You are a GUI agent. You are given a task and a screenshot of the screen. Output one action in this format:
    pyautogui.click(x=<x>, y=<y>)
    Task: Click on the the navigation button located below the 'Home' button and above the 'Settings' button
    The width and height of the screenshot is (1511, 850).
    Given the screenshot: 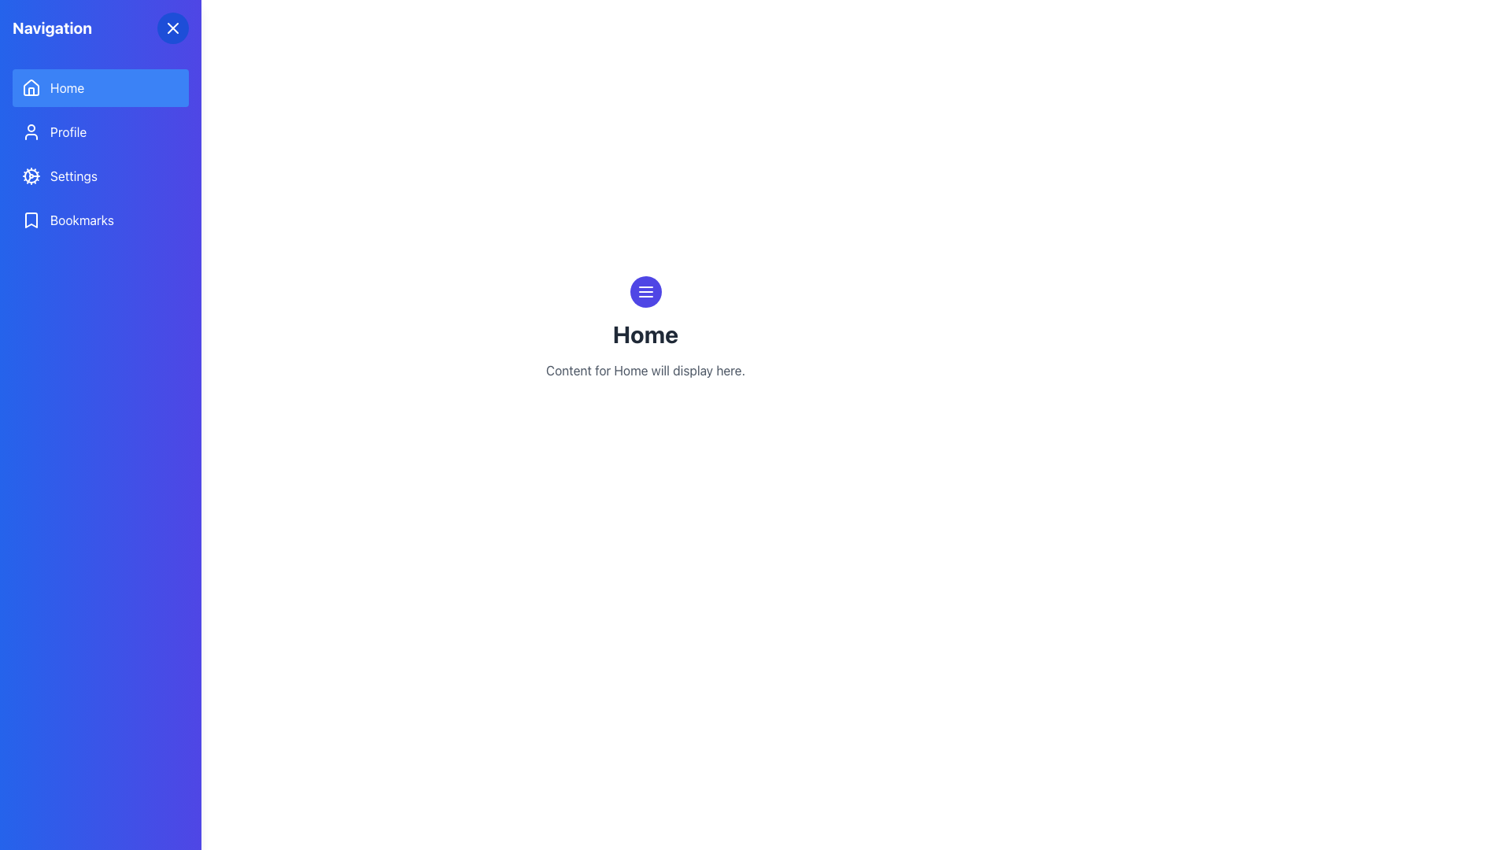 What is the action you would take?
    pyautogui.click(x=100, y=131)
    